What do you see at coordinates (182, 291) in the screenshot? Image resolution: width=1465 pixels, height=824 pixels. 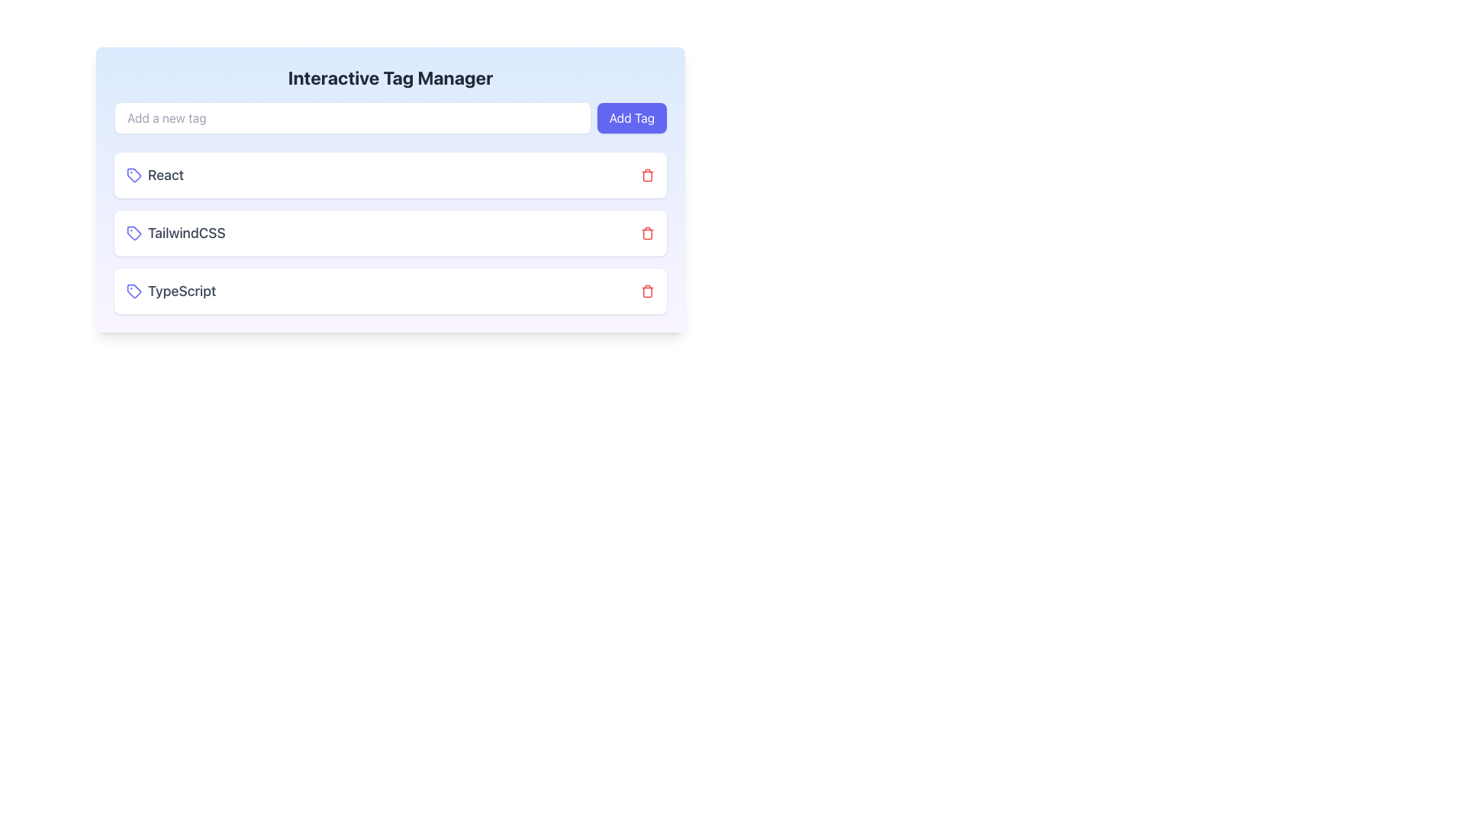 I see `the 'TypeScript' text label located at the bottom of the list` at bounding box center [182, 291].